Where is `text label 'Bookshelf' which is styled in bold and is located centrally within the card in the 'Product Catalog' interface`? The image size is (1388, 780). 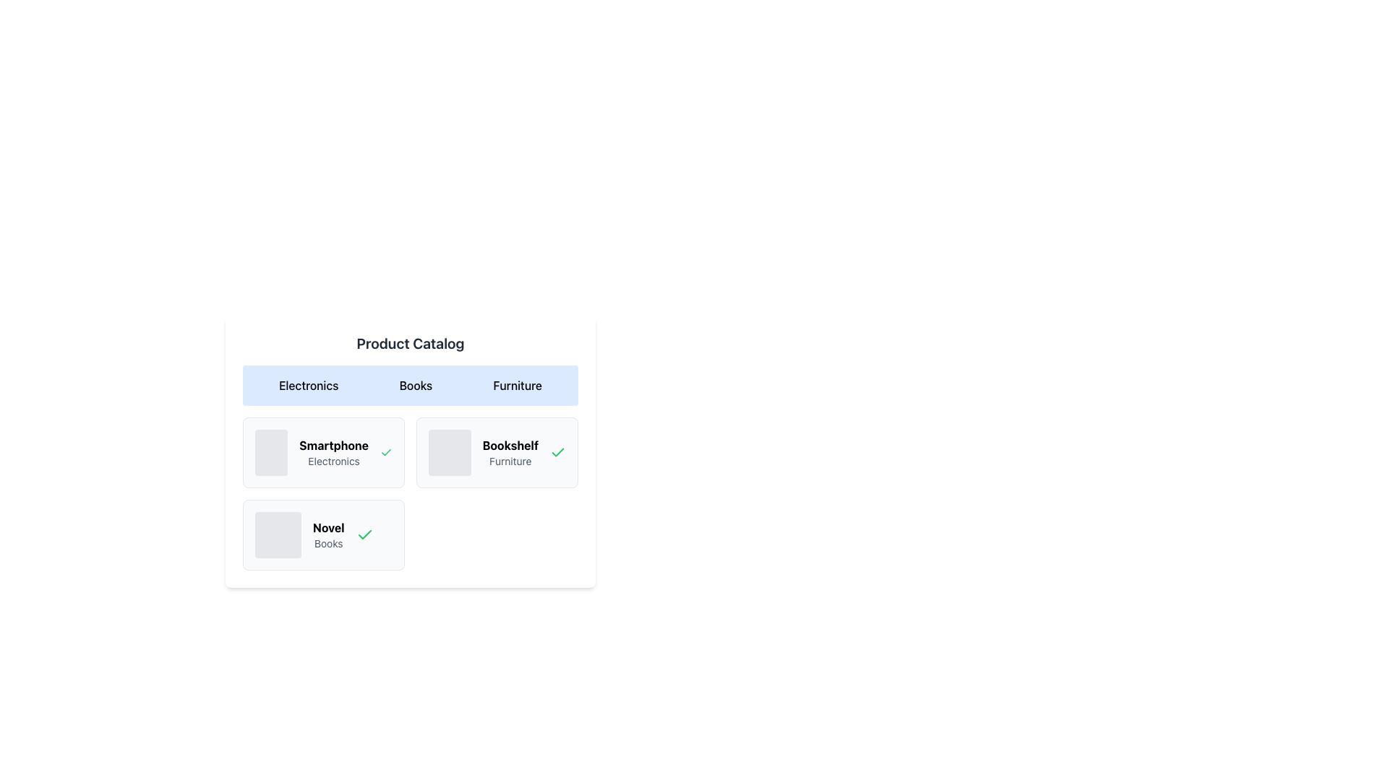 text label 'Bookshelf' which is styled in bold and is located centrally within the card in the 'Product Catalog' interface is located at coordinates (510, 452).